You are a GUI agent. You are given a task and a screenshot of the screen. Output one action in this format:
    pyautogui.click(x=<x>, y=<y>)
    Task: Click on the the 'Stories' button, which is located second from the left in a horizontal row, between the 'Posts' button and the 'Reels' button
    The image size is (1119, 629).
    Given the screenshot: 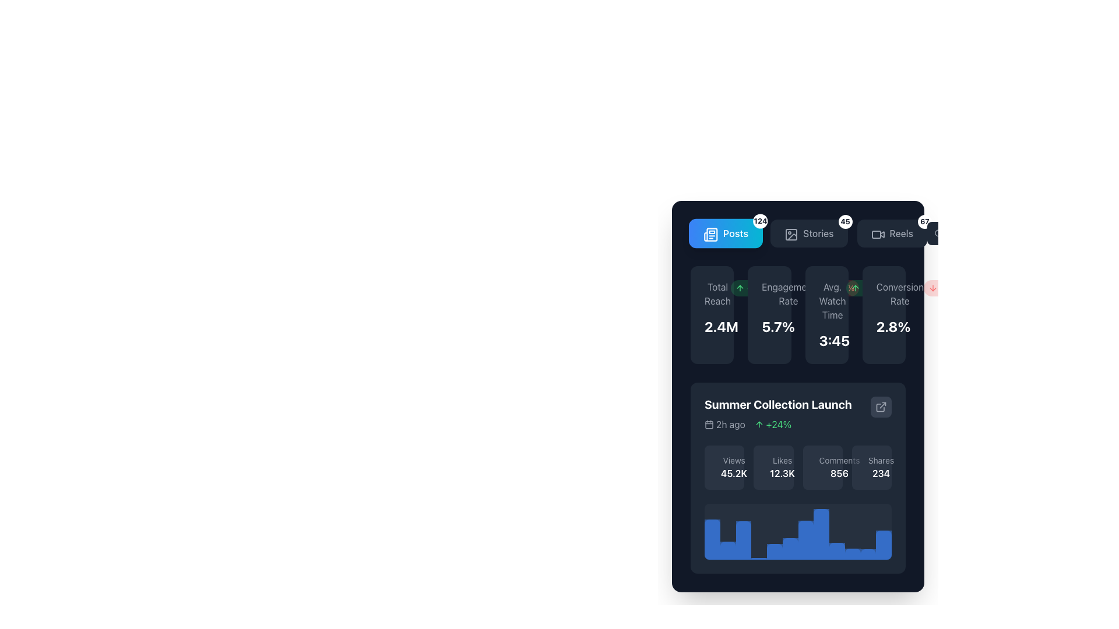 What is the action you would take?
    pyautogui.click(x=797, y=234)
    